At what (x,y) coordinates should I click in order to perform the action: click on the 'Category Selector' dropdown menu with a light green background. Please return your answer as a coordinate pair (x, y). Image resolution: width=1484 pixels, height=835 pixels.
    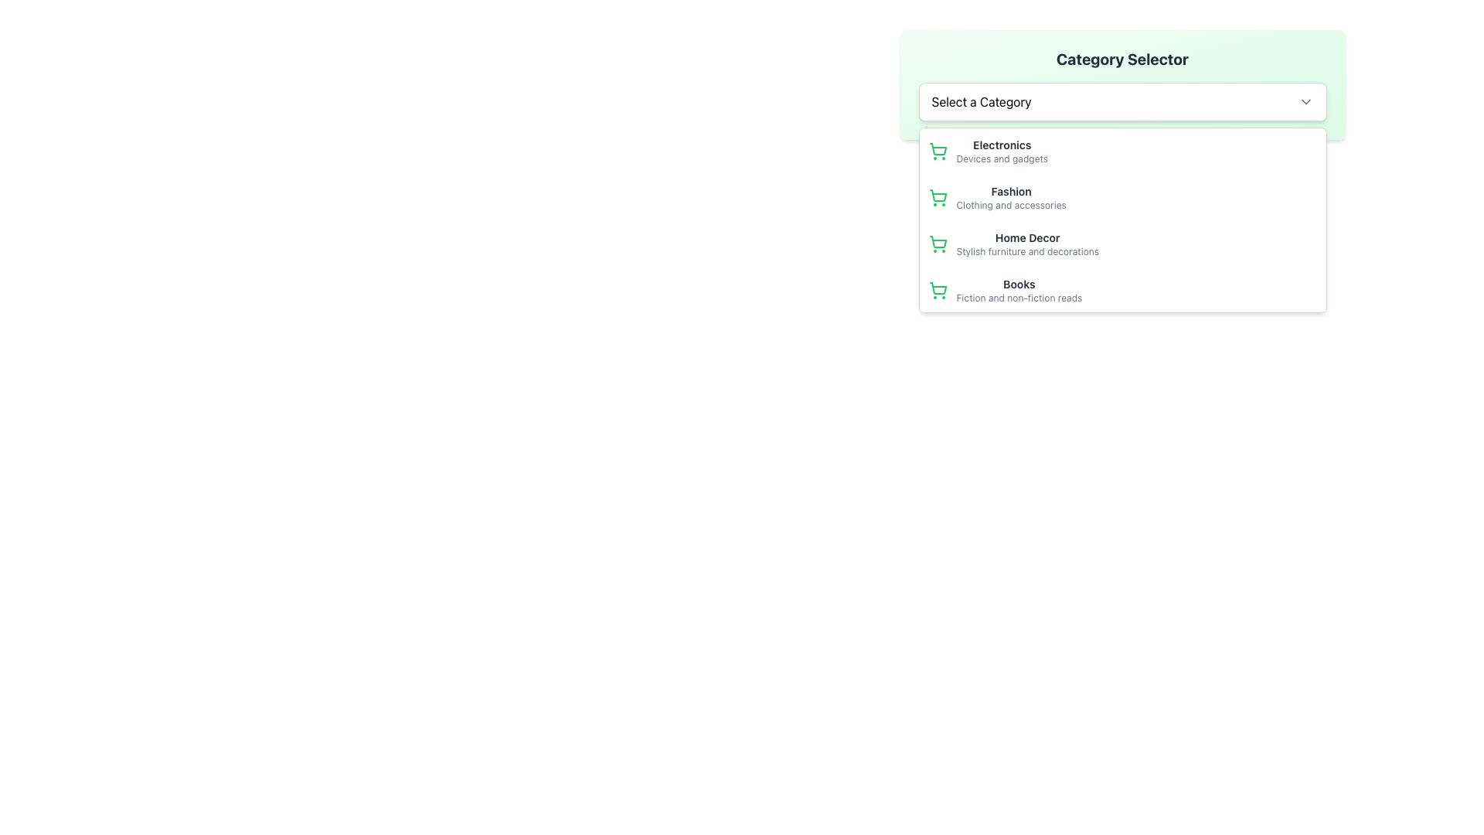
    Looking at the image, I should click on (1122, 85).